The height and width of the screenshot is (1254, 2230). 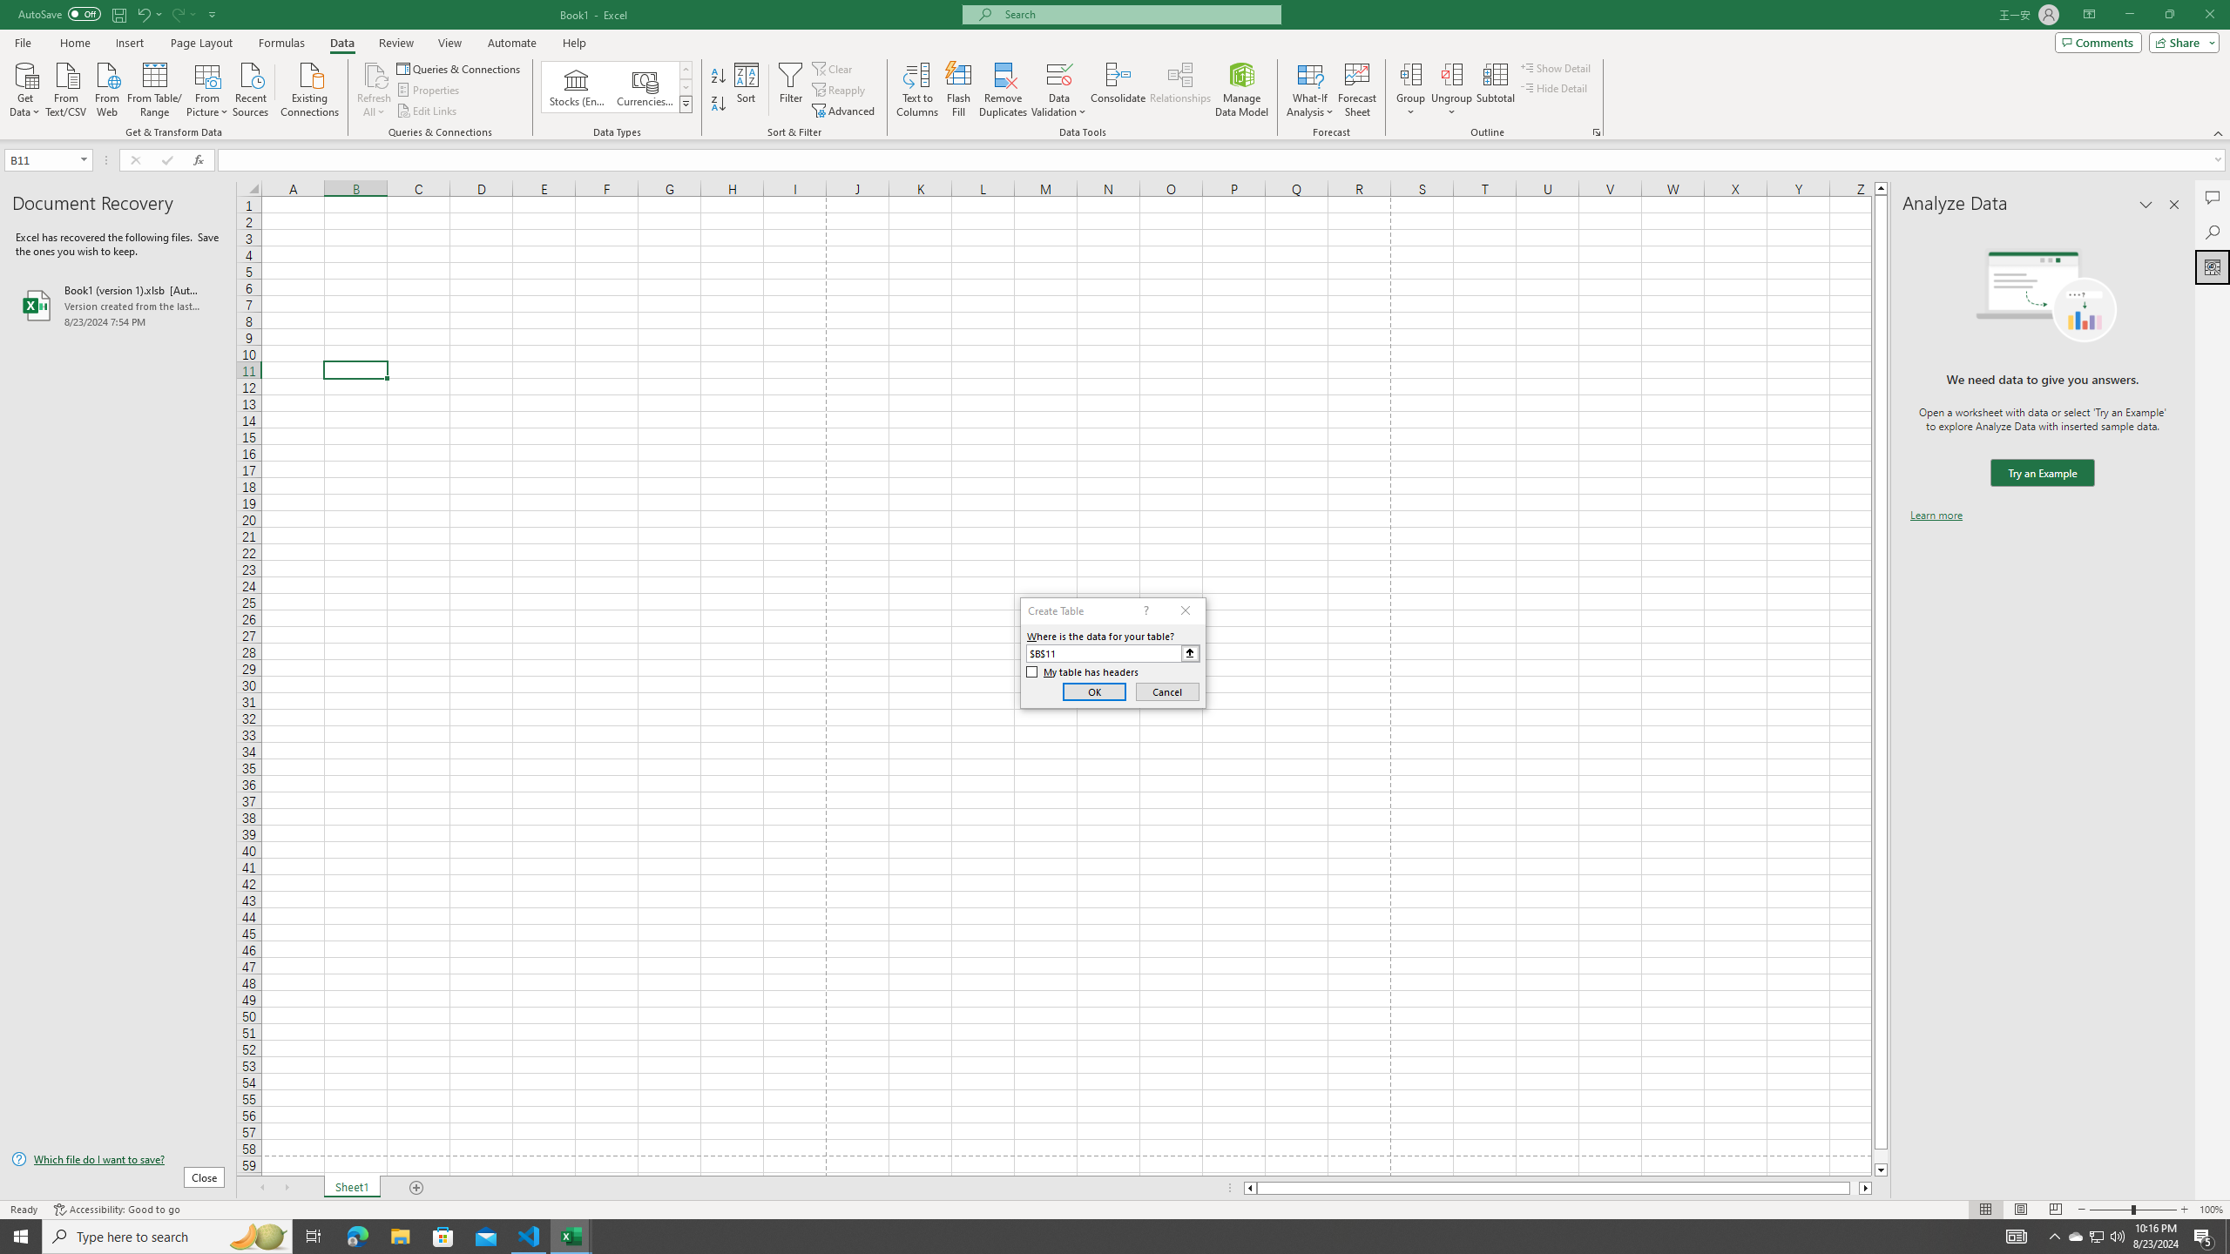 I want to click on 'Search', so click(x=2212, y=233).